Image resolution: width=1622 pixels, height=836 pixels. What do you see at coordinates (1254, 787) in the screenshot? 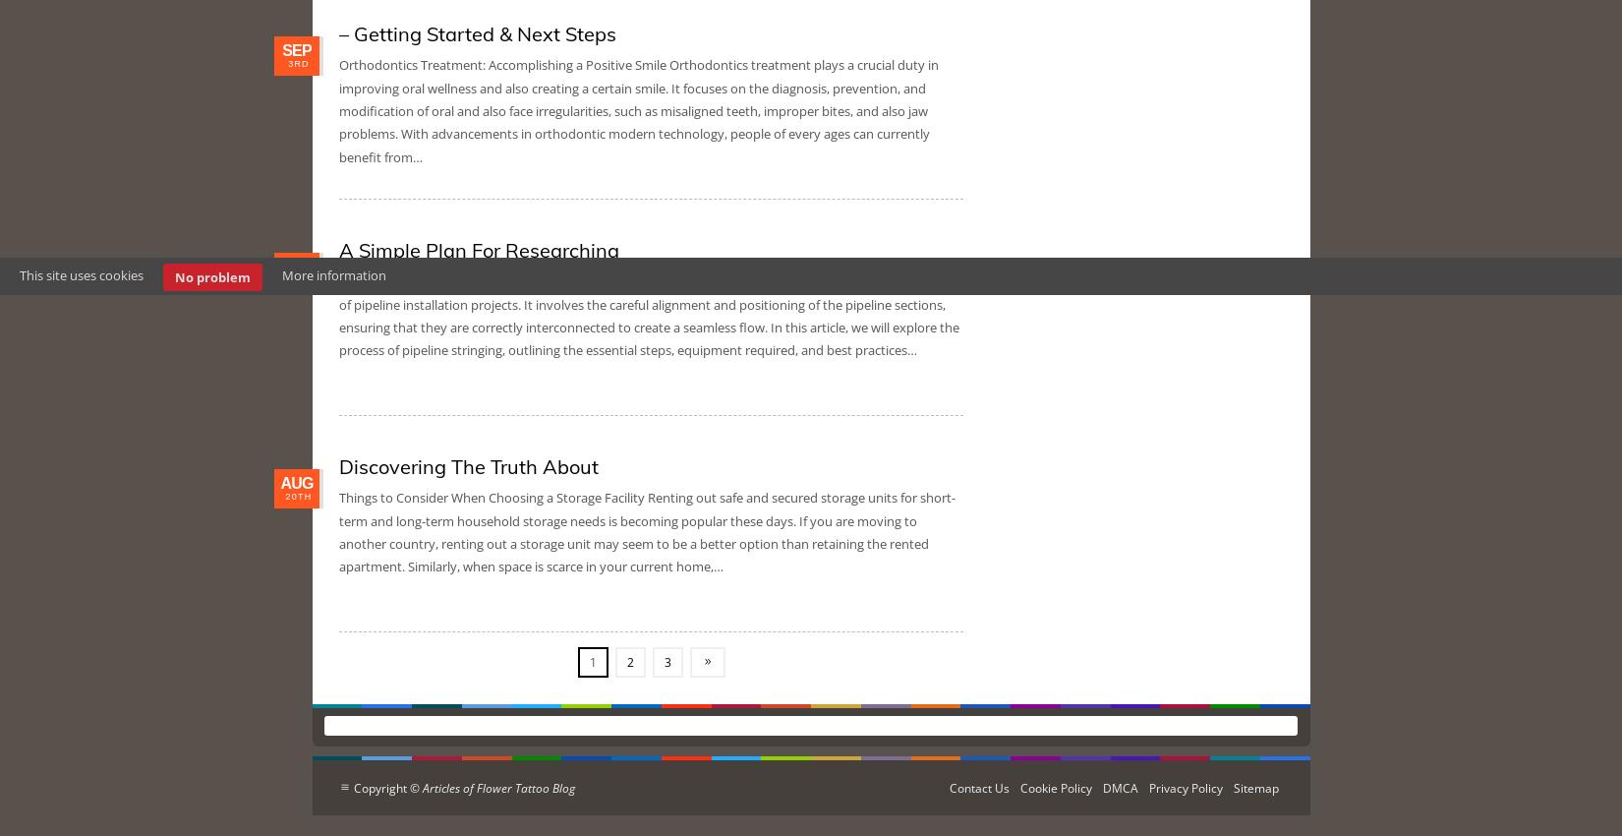
I see `'Sitemap'` at bounding box center [1254, 787].